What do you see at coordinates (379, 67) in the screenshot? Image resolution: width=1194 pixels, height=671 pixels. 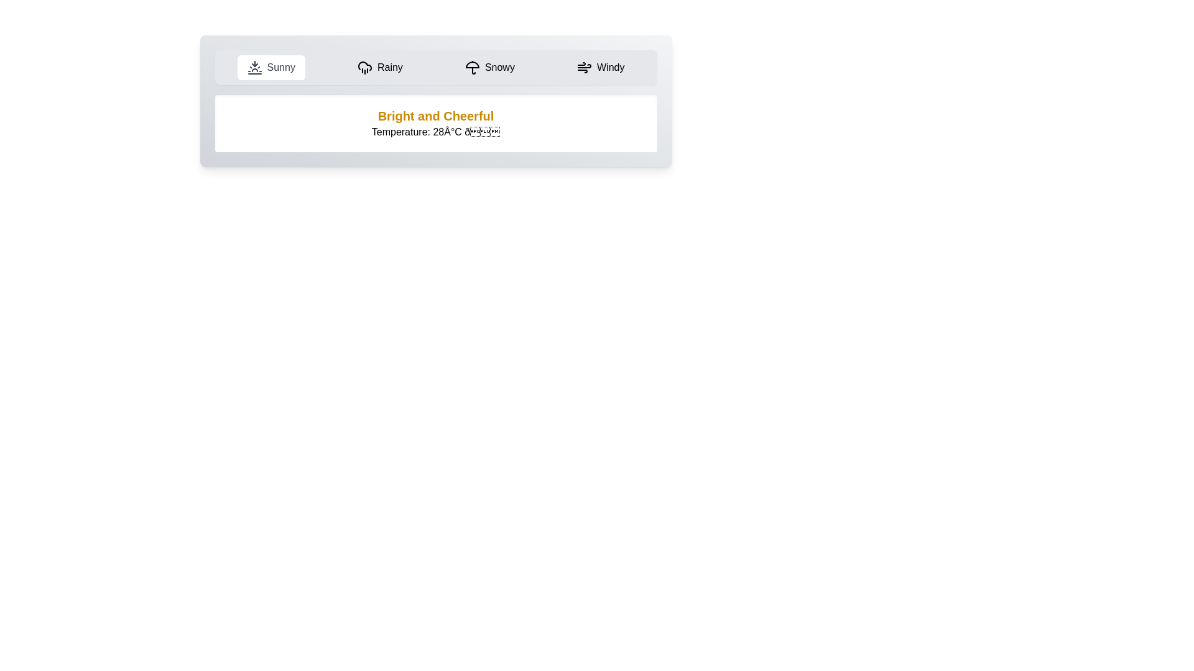 I see `the Rainy tab to display its content` at bounding box center [379, 67].